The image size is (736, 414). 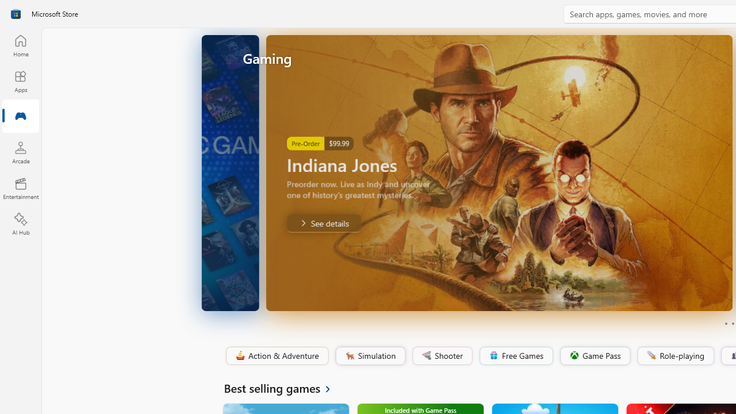 What do you see at coordinates (725, 324) in the screenshot?
I see `'Page 1'` at bounding box center [725, 324].